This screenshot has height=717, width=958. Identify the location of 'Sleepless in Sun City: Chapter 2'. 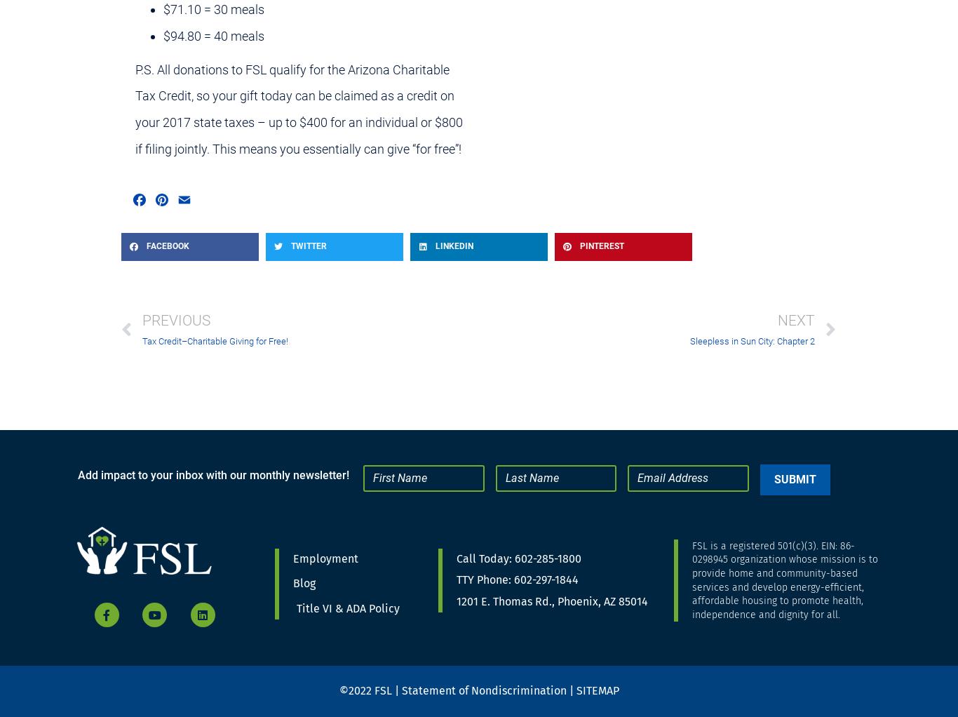
(751, 341).